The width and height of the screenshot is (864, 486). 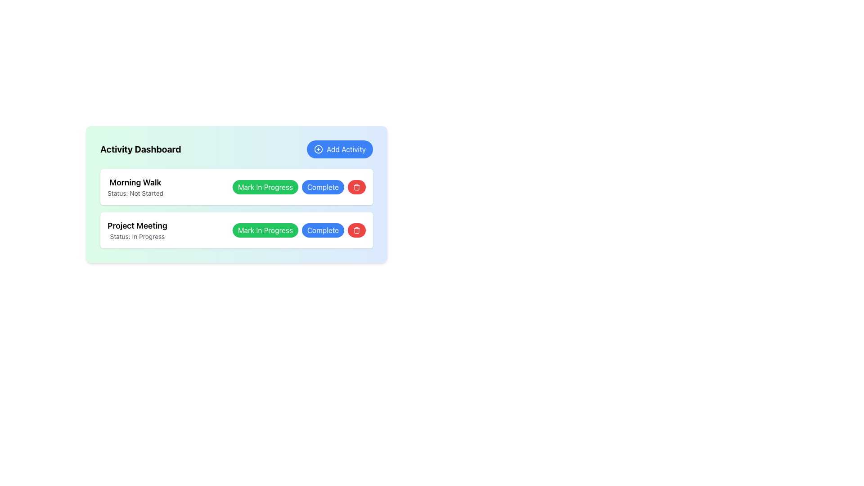 What do you see at coordinates (265, 187) in the screenshot?
I see `the green button labeled 'Mark In Progress'` at bounding box center [265, 187].